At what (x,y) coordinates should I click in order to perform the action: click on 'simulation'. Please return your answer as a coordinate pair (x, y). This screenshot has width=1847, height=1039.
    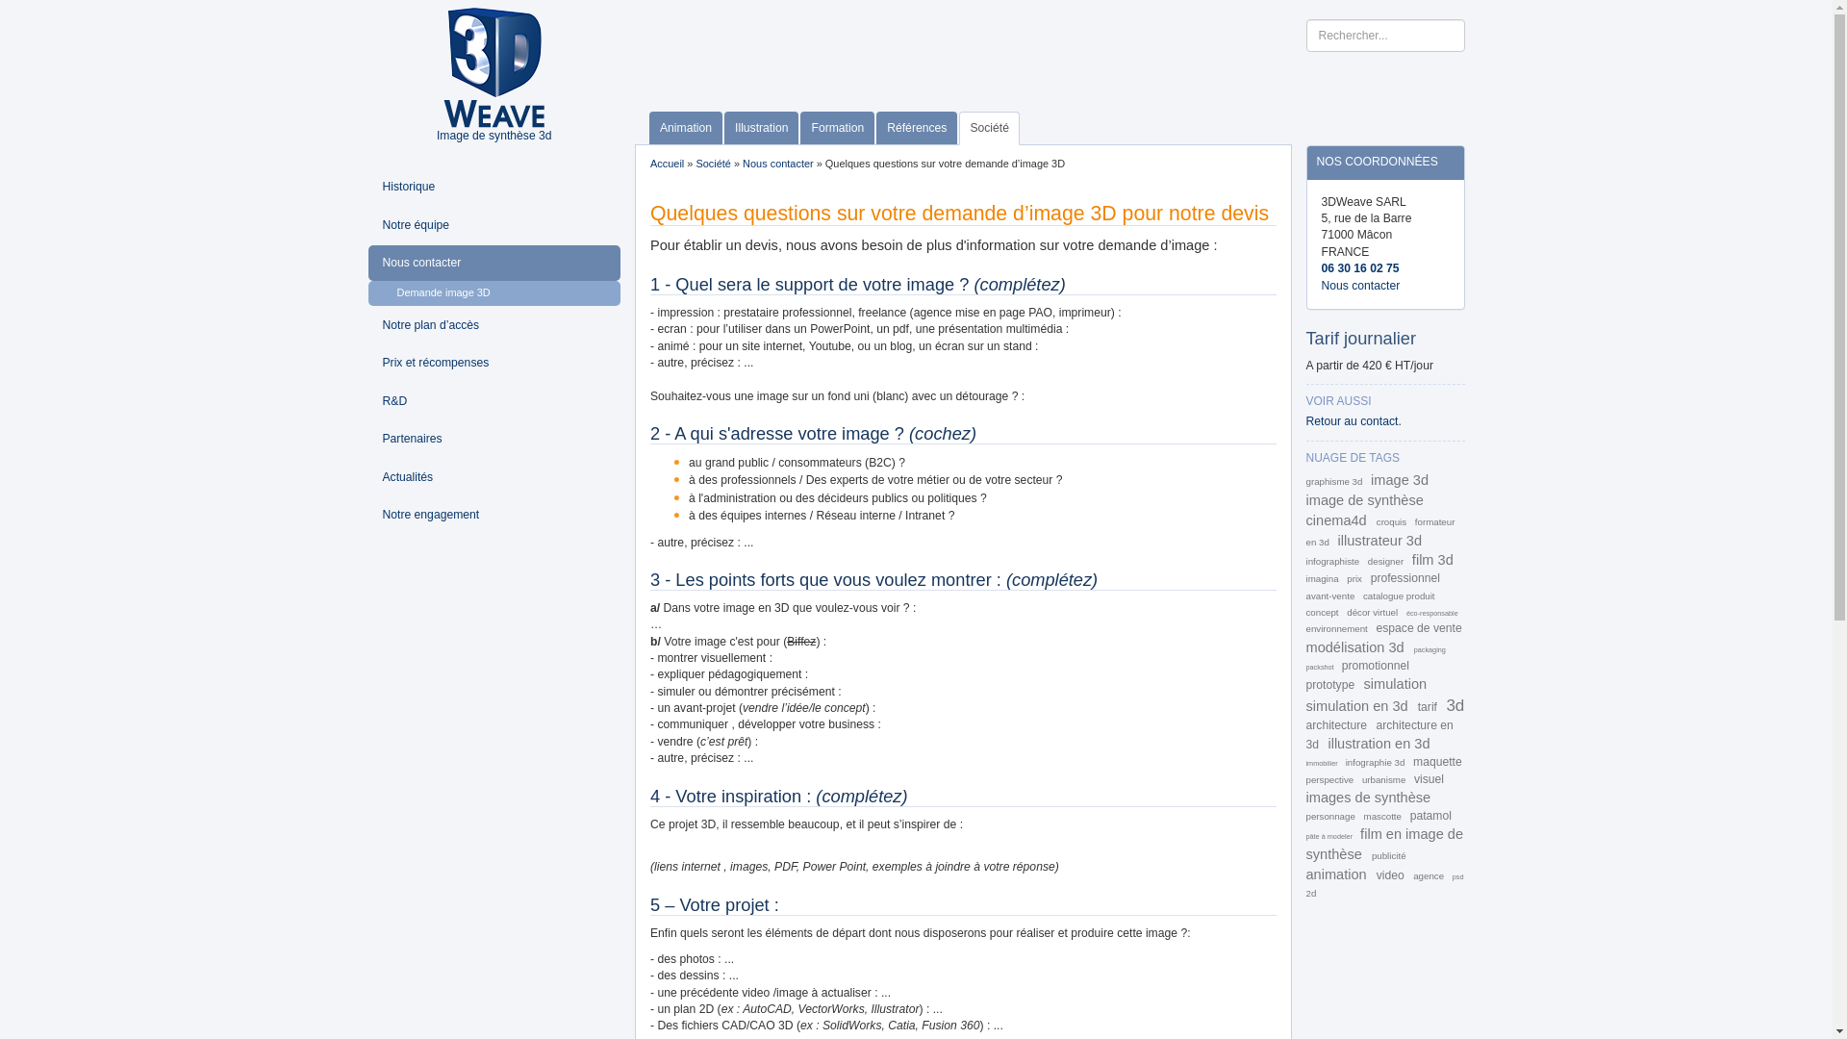
    Looking at the image, I should click on (1395, 682).